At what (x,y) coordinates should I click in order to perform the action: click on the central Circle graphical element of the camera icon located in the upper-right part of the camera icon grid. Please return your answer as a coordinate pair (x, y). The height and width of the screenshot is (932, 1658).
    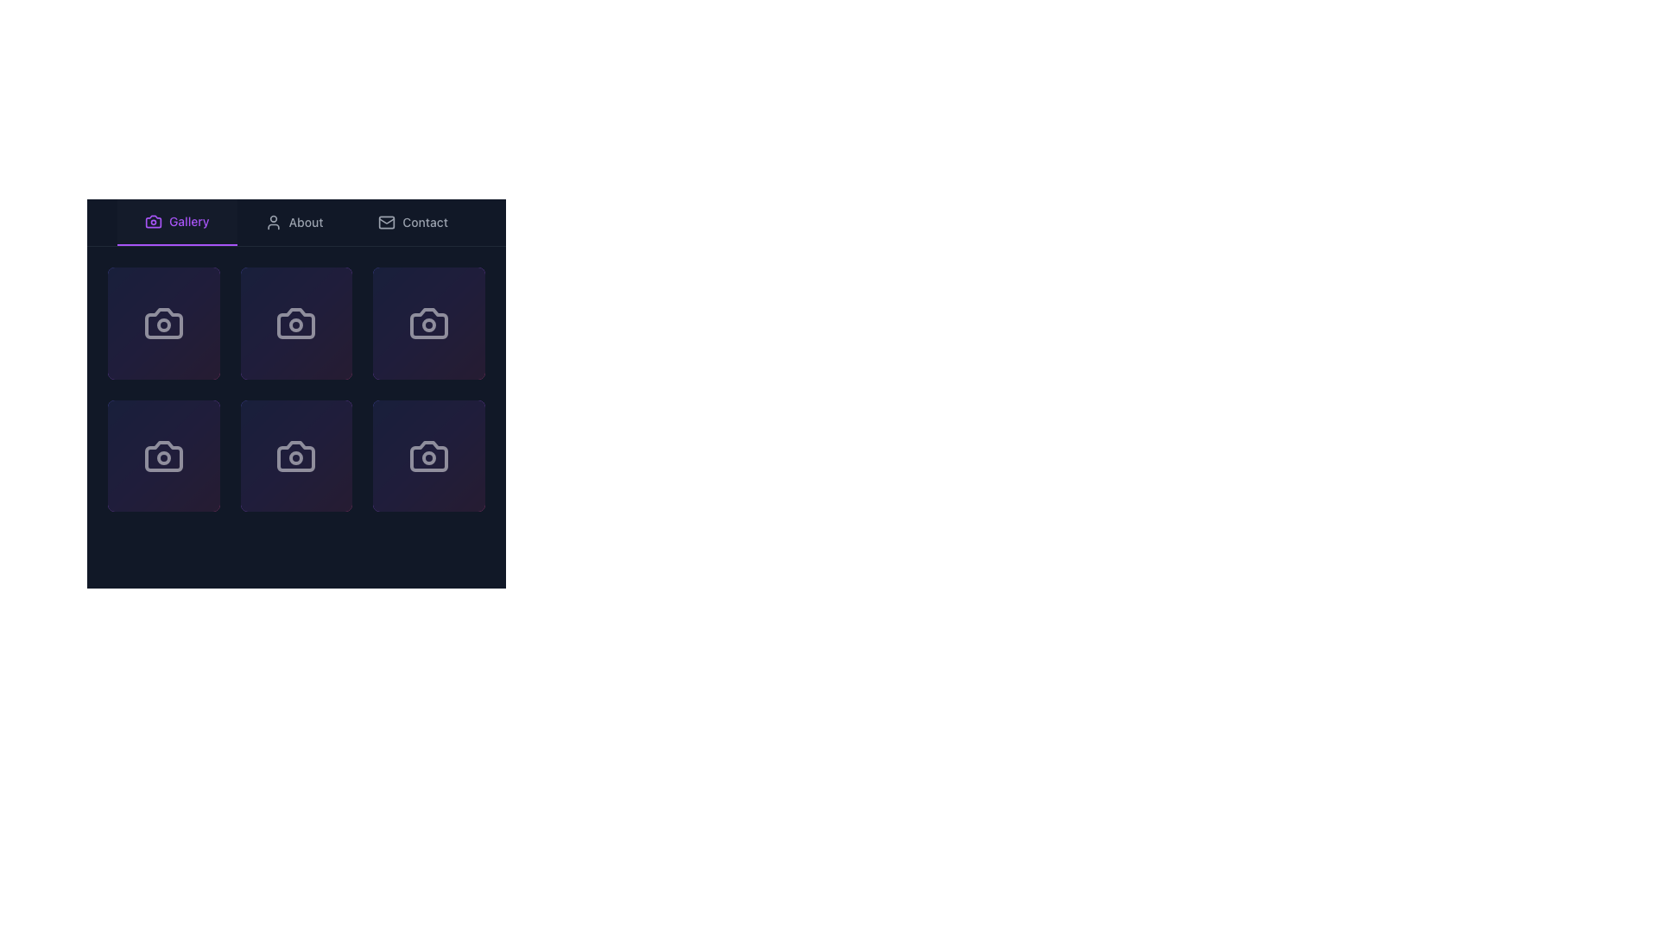
    Looking at the image, I should click on (429, 324).